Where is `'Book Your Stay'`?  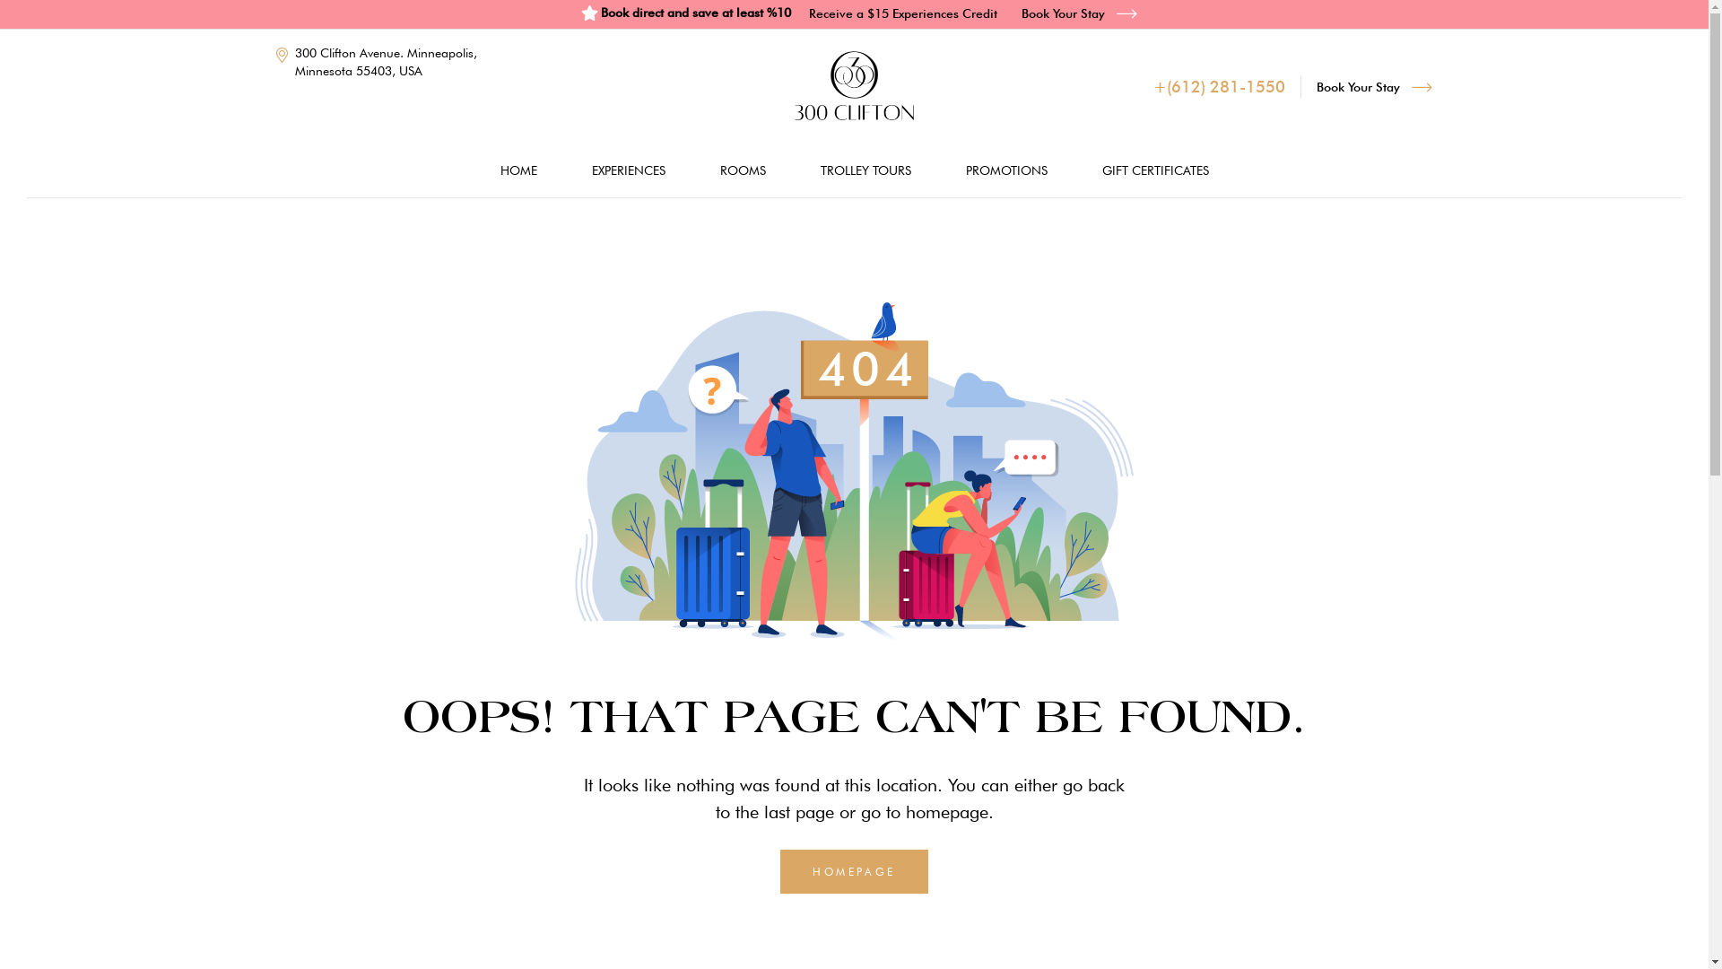
'Book Your Stay' is located at coordinates (1373, 86).